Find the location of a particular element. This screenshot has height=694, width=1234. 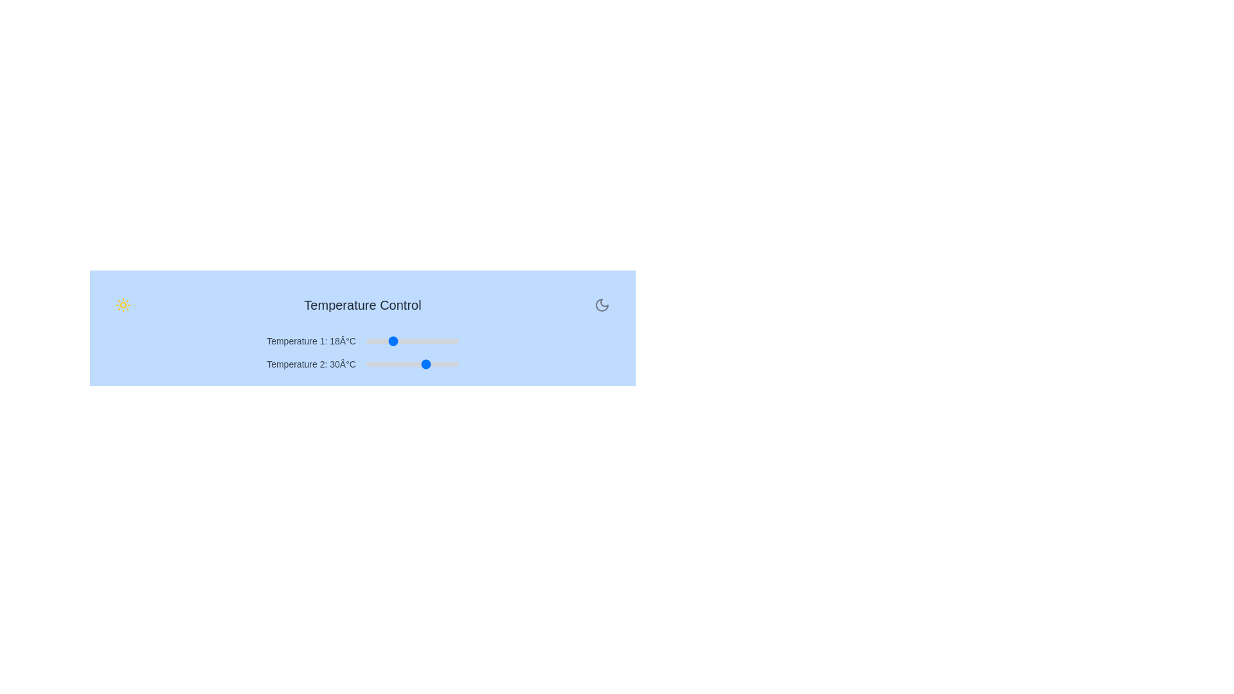

the temperature slider is located at coordinates (449, 364).